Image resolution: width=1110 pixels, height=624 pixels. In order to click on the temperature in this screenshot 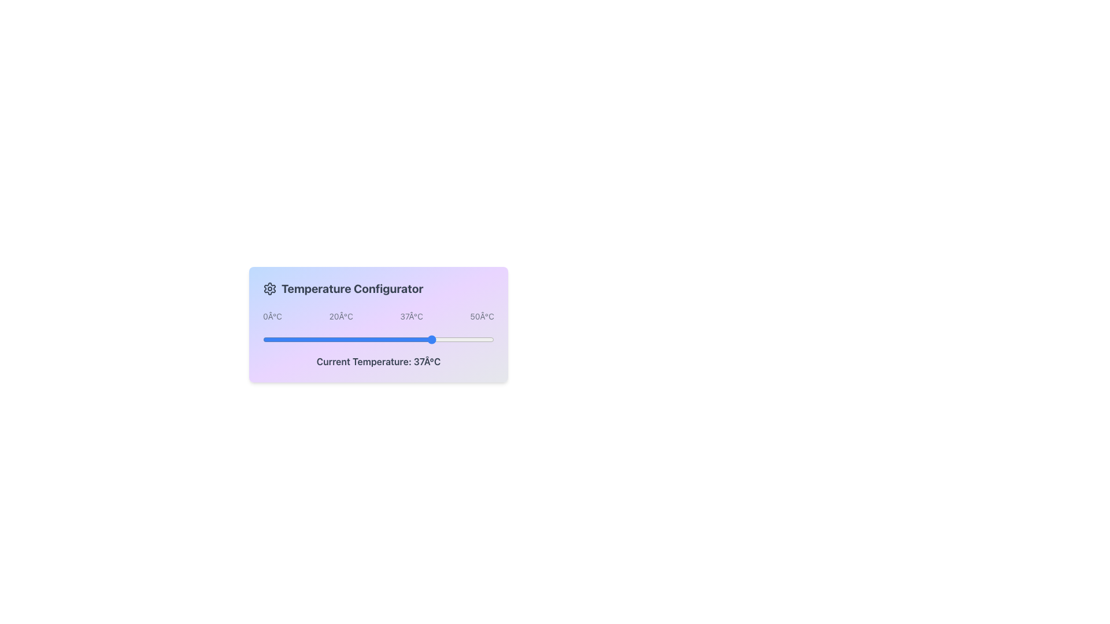, I will do `click(433, 339)`.